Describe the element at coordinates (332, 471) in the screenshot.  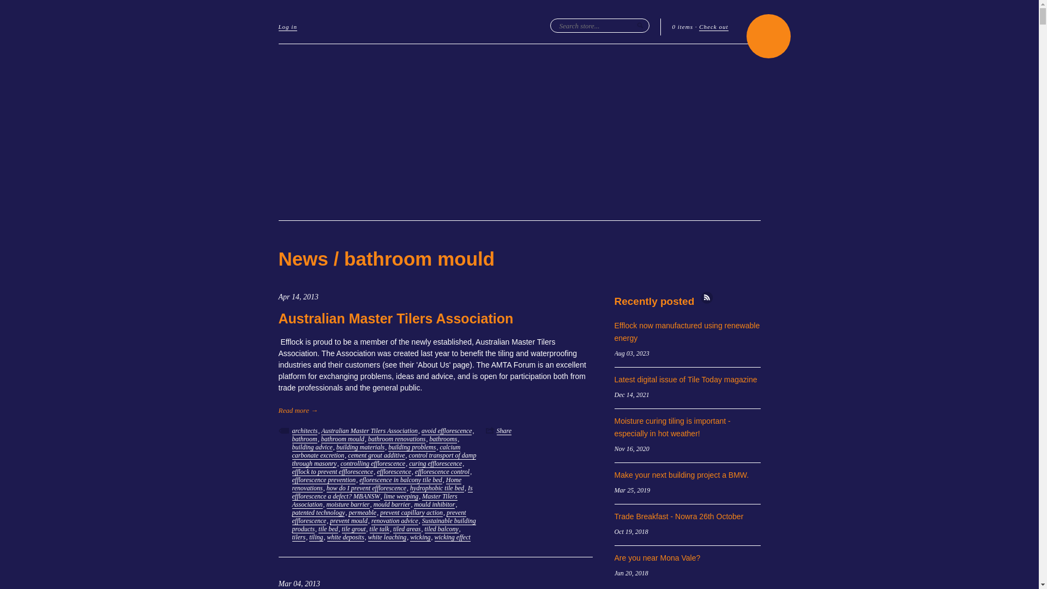
I see `'efflock to prevent efflorescence'` at that location.